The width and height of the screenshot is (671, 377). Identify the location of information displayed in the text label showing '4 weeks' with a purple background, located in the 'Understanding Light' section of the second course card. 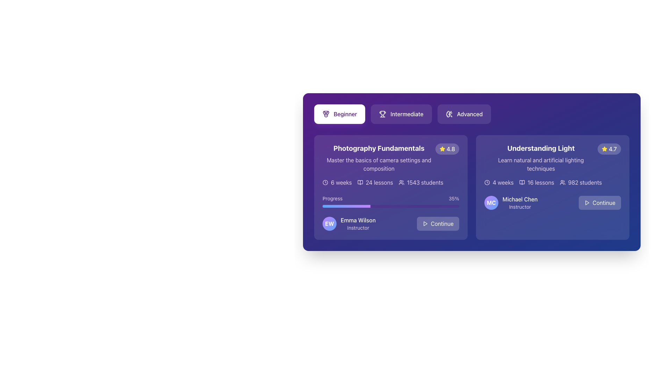
(503, 182).